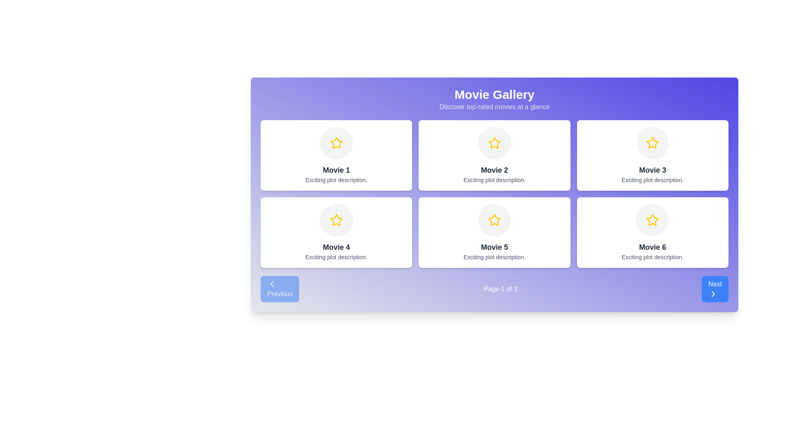  Describe the element at coordinates (336, 257) in the screenshot. I see `the text snippet reading 'Exciting plot description' styled in gray color, located beneath 'Movie 4' within the card layout` at that location.